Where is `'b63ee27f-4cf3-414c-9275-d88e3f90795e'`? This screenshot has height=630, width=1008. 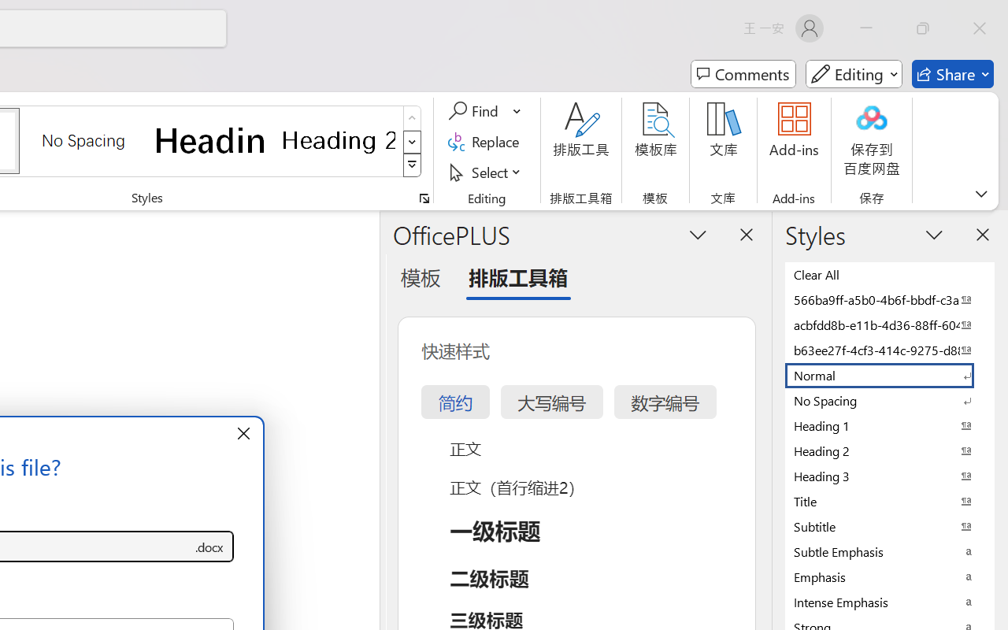 'b63ee27f-4cf3-414c-9275-d88e3f90795e' is located at coordinates (890, 349).